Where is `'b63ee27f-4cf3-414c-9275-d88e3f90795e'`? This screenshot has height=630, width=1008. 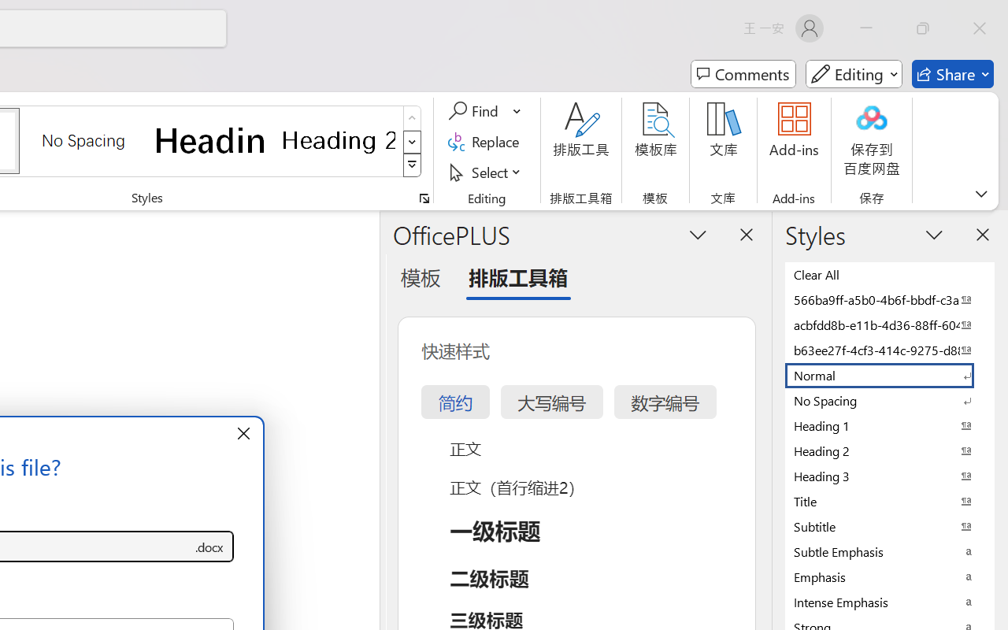 'b63ee27f-4cf3-414c-9275-d88e3f90795e' is located at coordinates (890, 349).